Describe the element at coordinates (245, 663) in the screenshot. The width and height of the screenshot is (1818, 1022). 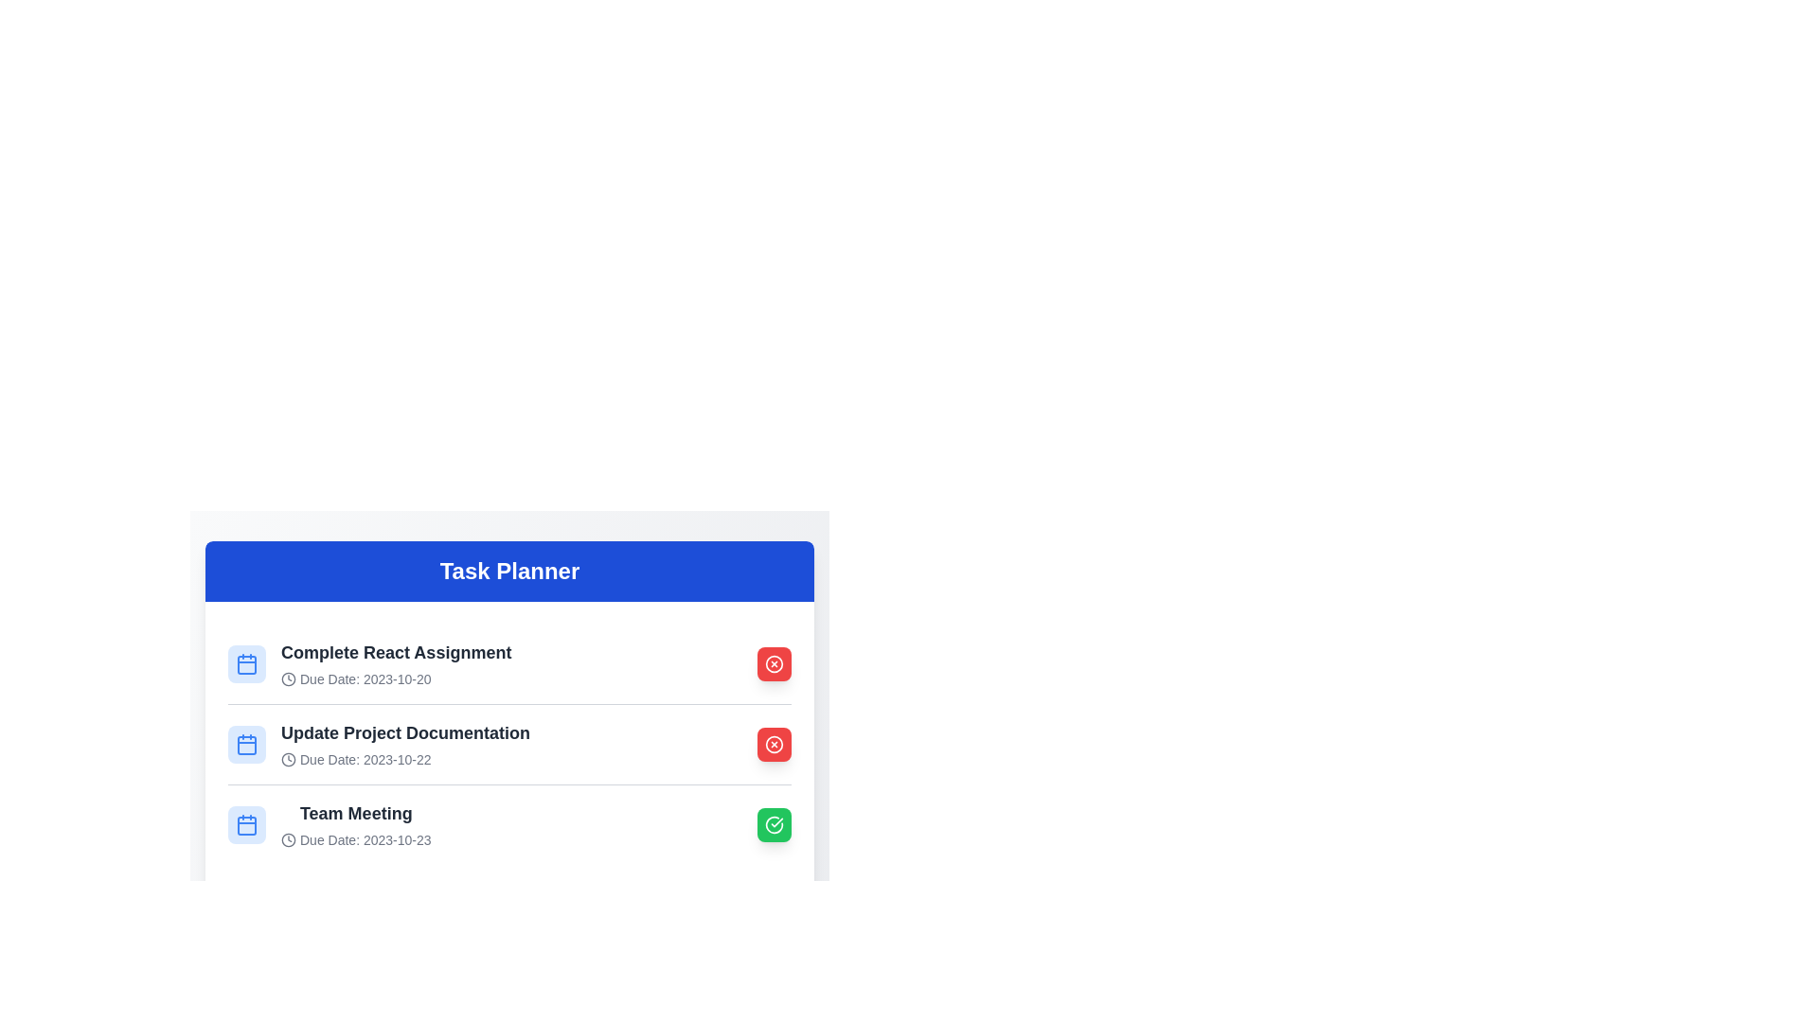
I see `the calendar icon located to the left of the task titled 'Complete React Assignment'` at that location.